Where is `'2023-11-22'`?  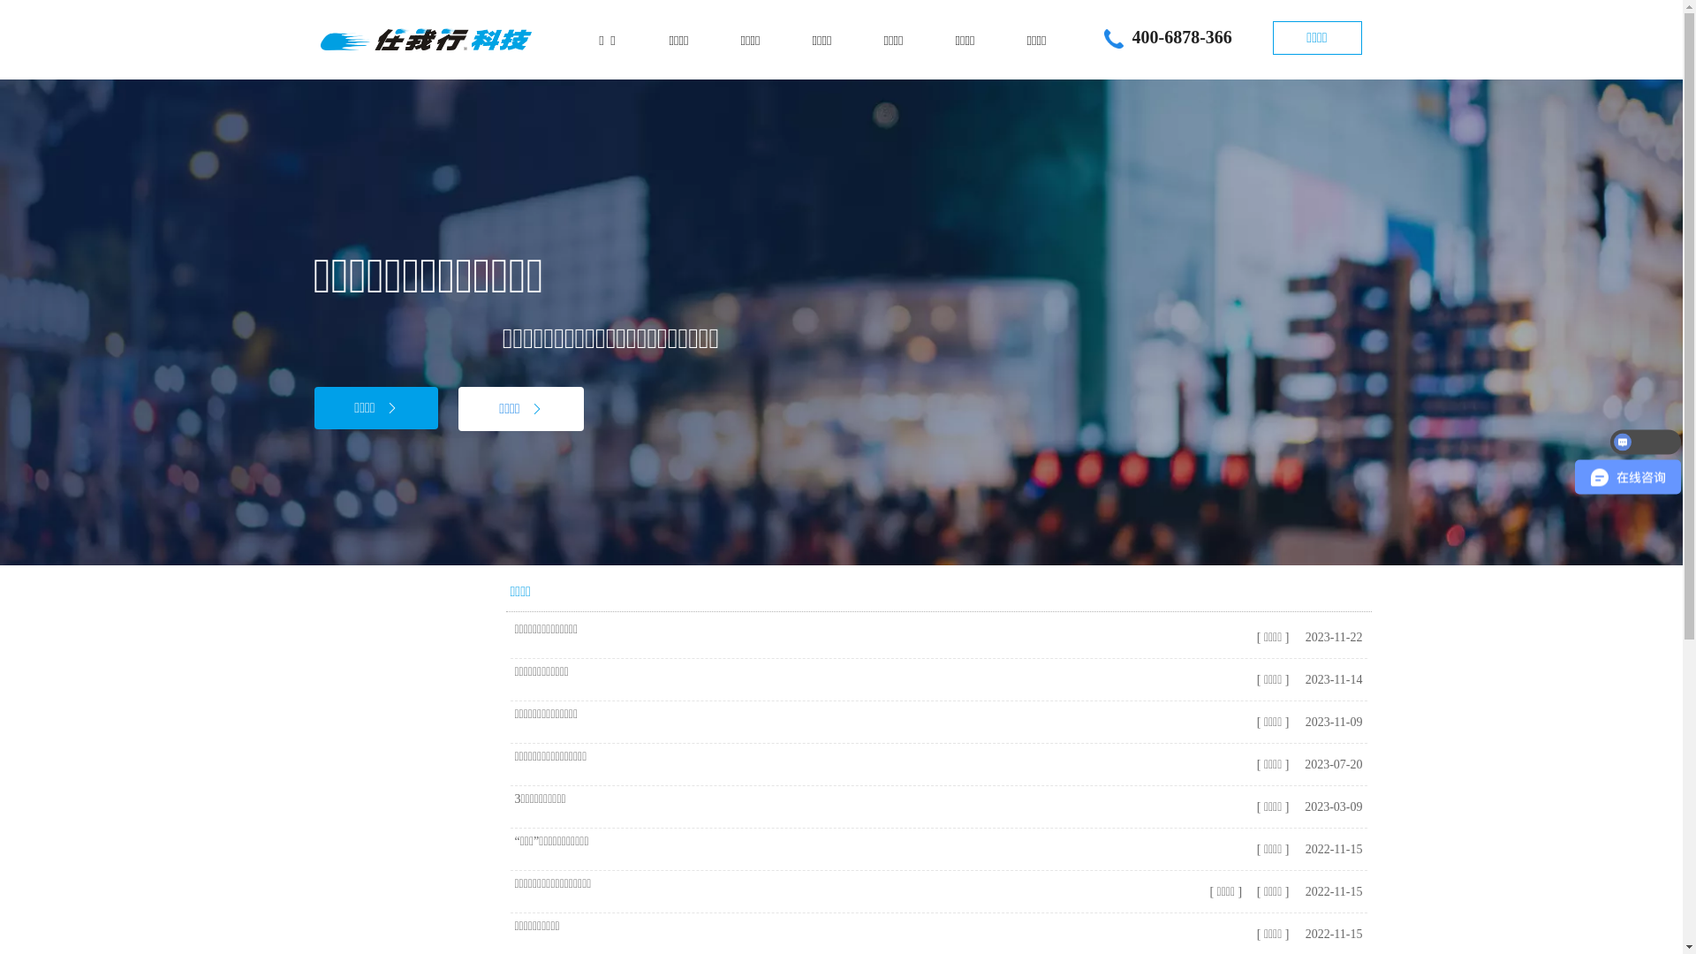
'2023-11-22' is located at coordinates (1331, 637).